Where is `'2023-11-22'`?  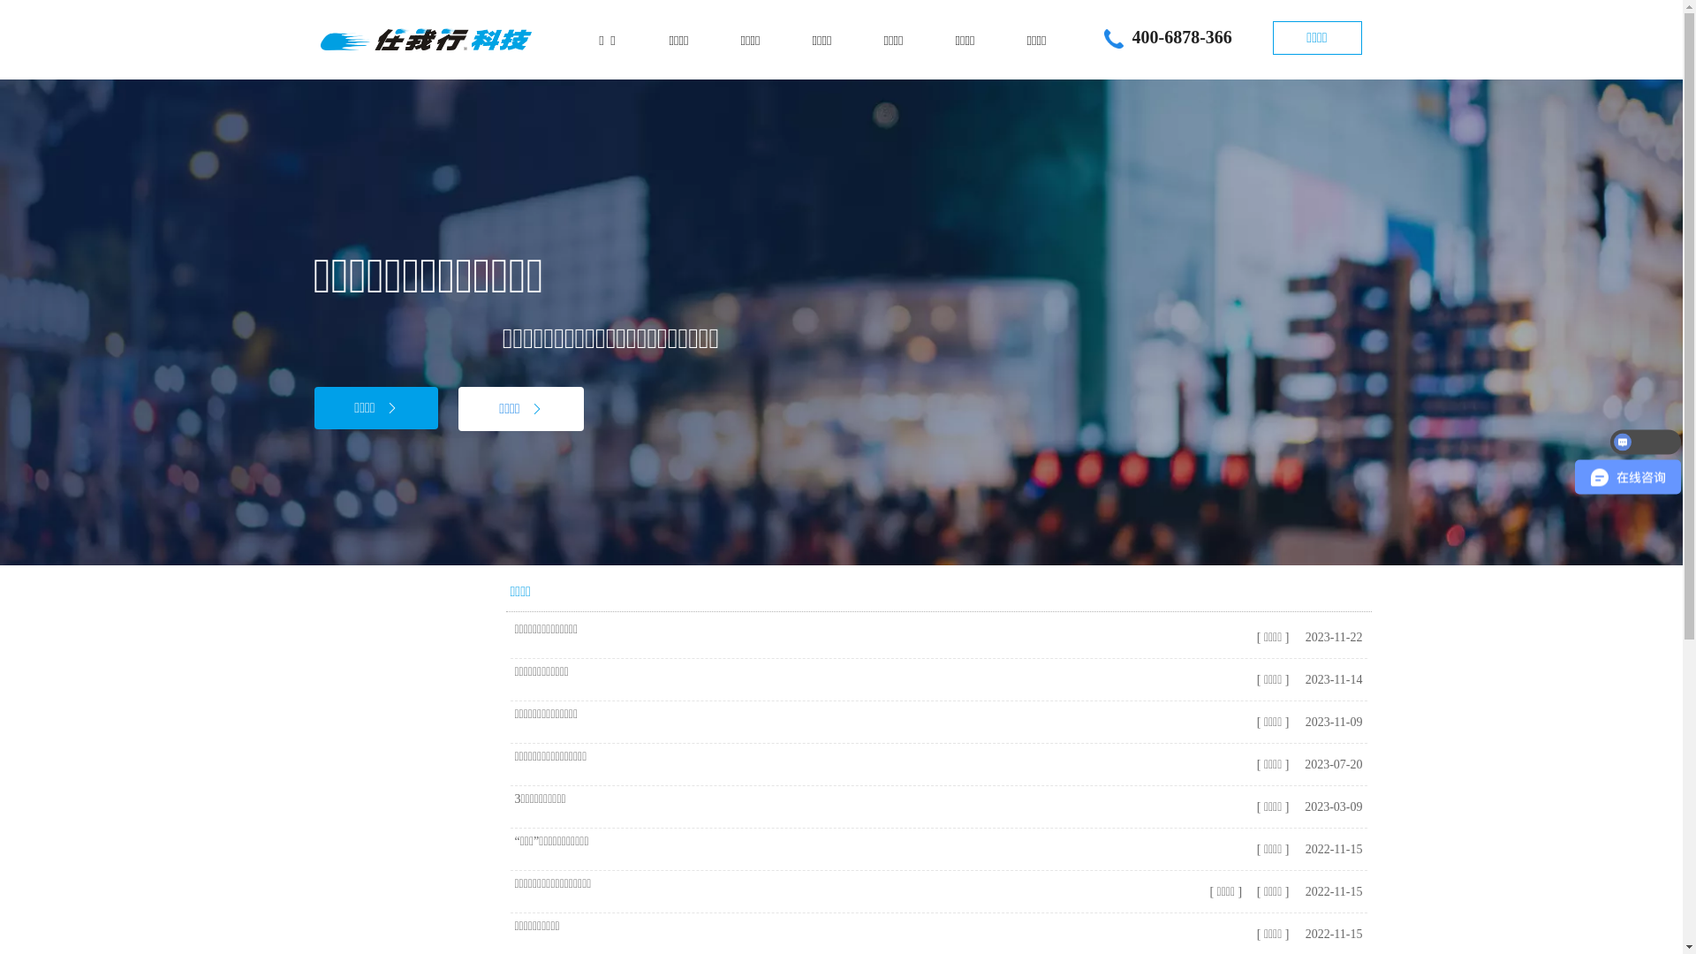
'2023-11-22' is located at coordinates (1331, 637).